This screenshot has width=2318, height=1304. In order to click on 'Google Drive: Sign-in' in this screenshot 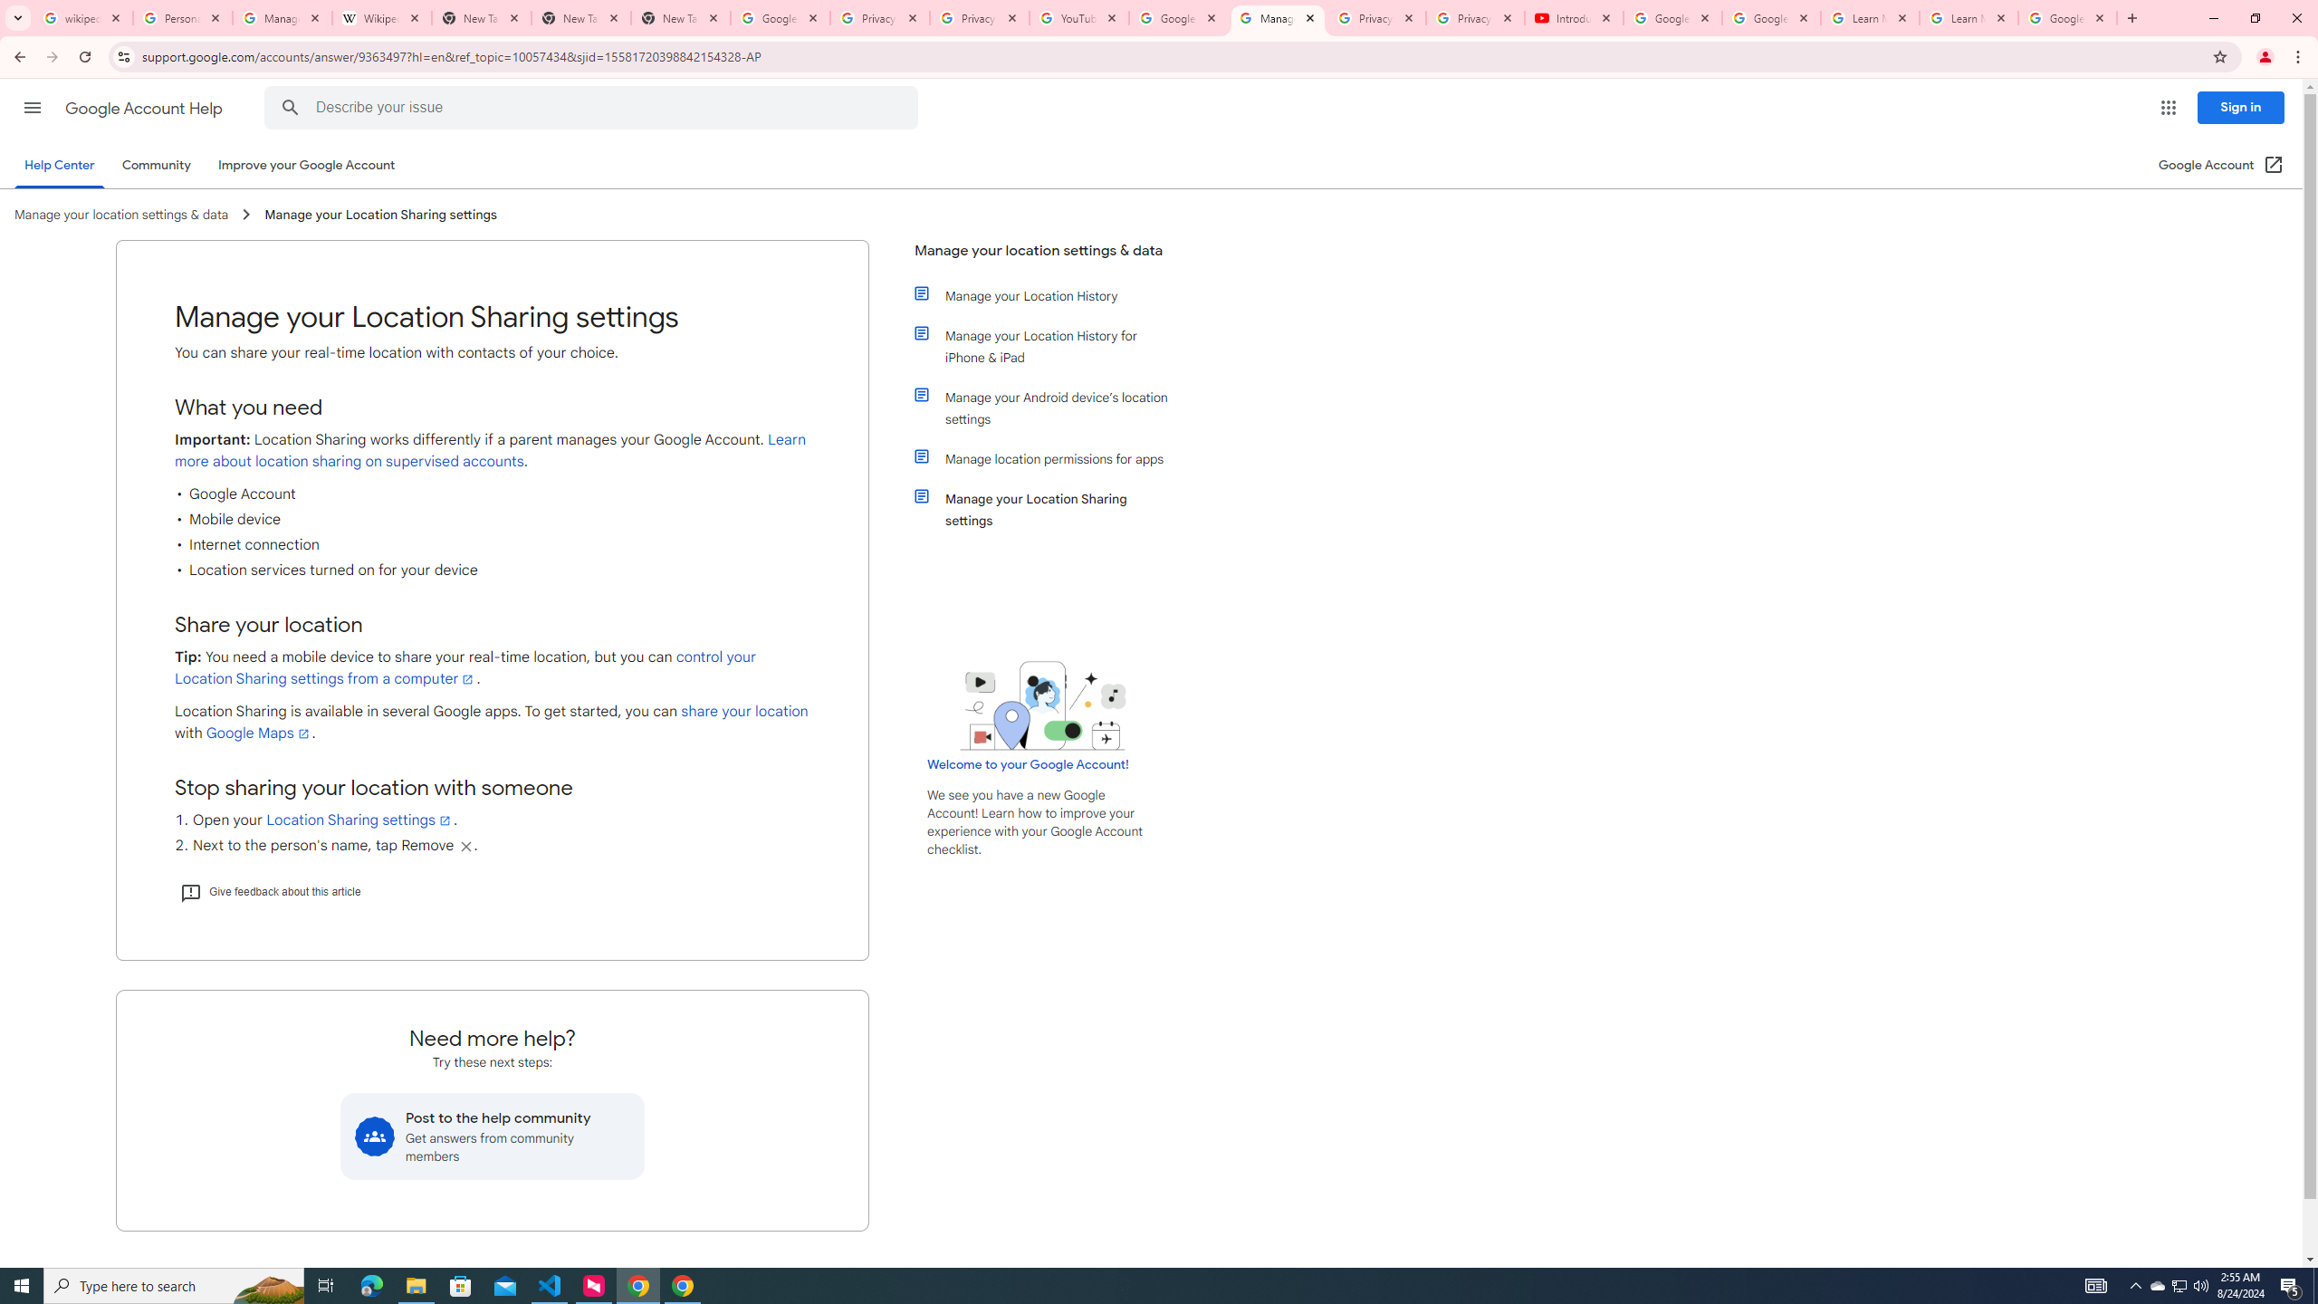, I will do `click(780, 17)`.